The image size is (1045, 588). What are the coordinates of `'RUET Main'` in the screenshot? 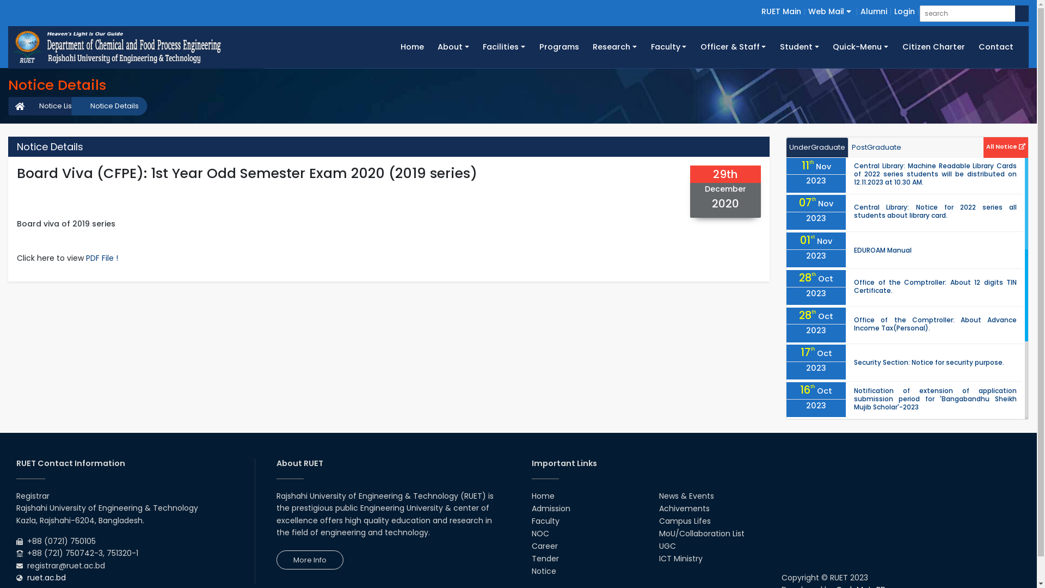 It's located at (780, 11).